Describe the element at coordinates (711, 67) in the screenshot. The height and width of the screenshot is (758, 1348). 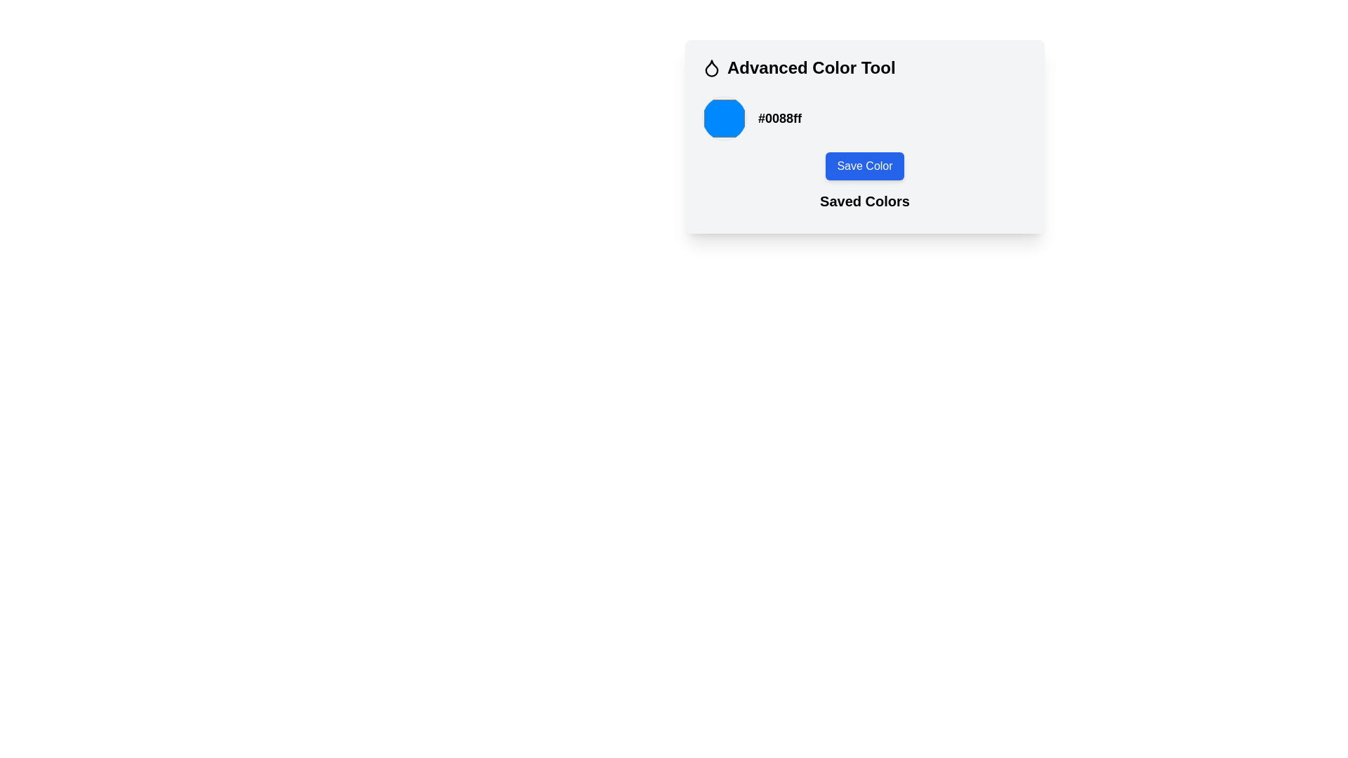
I see `the droplet-shaped icon with a black stroke that is positioned to the left of the 'Advanced Color Tool' text` at that location.